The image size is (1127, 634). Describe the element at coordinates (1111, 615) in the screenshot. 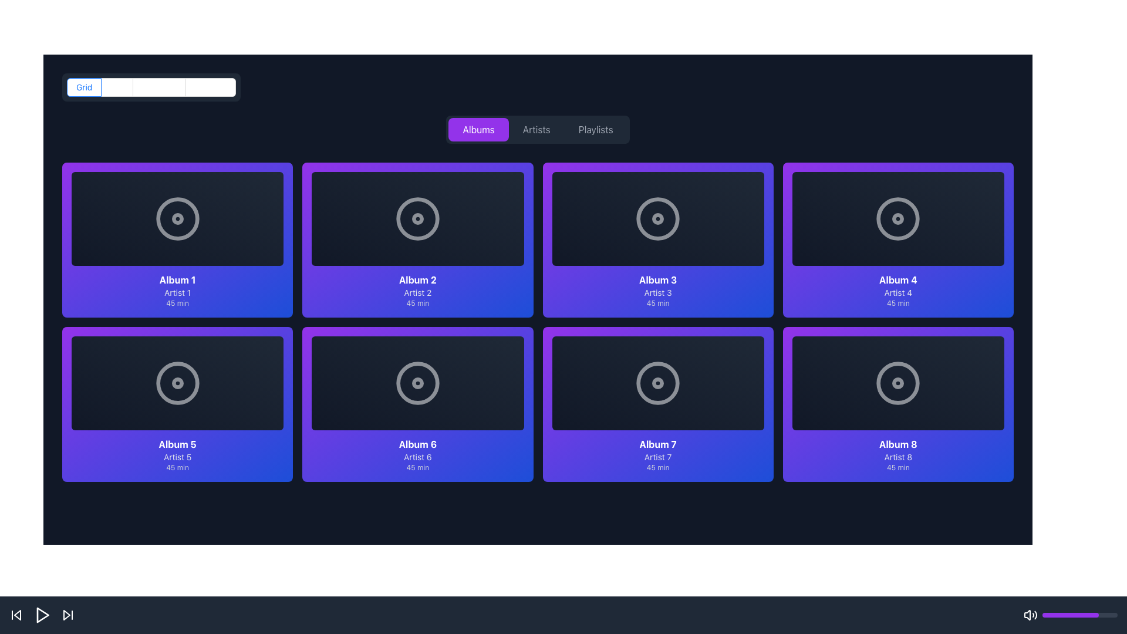

I see `progress bar` at that location.